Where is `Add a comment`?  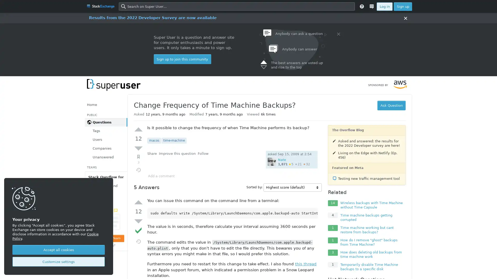
Add a comment is located at coordinates (161, 176).